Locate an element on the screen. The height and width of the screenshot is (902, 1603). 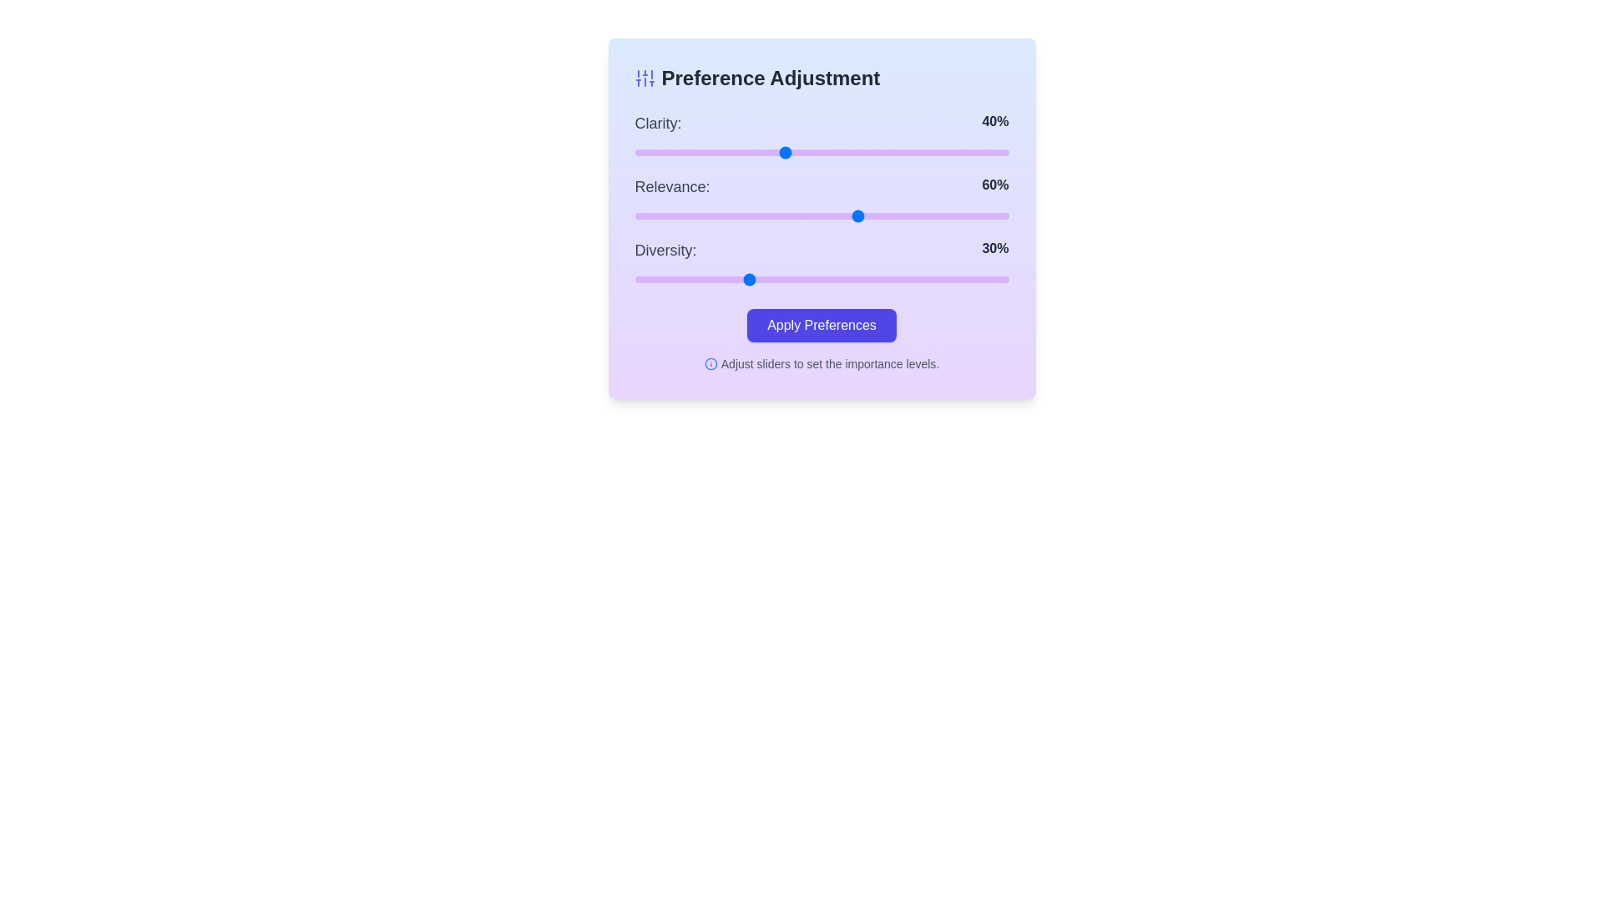
the 0 slider to 20% is located at coordinates (710, 152).